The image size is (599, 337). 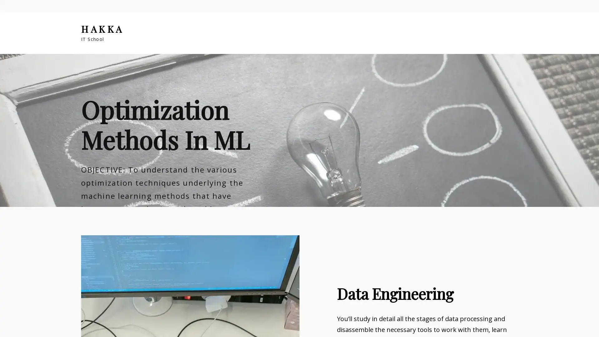 What do you see at coordinates (589, 177) in the screenshot?
I see `Next` at bounding box center [589, 177].